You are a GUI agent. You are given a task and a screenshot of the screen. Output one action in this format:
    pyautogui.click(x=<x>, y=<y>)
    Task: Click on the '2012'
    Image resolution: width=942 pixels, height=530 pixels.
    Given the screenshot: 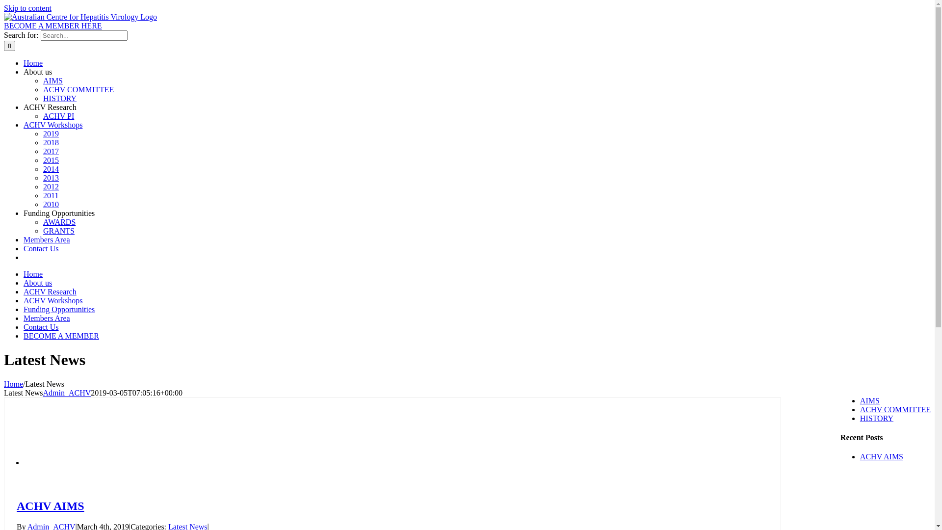 What is the action you would take?
    pyautogui.click(x=51, y=186)
    